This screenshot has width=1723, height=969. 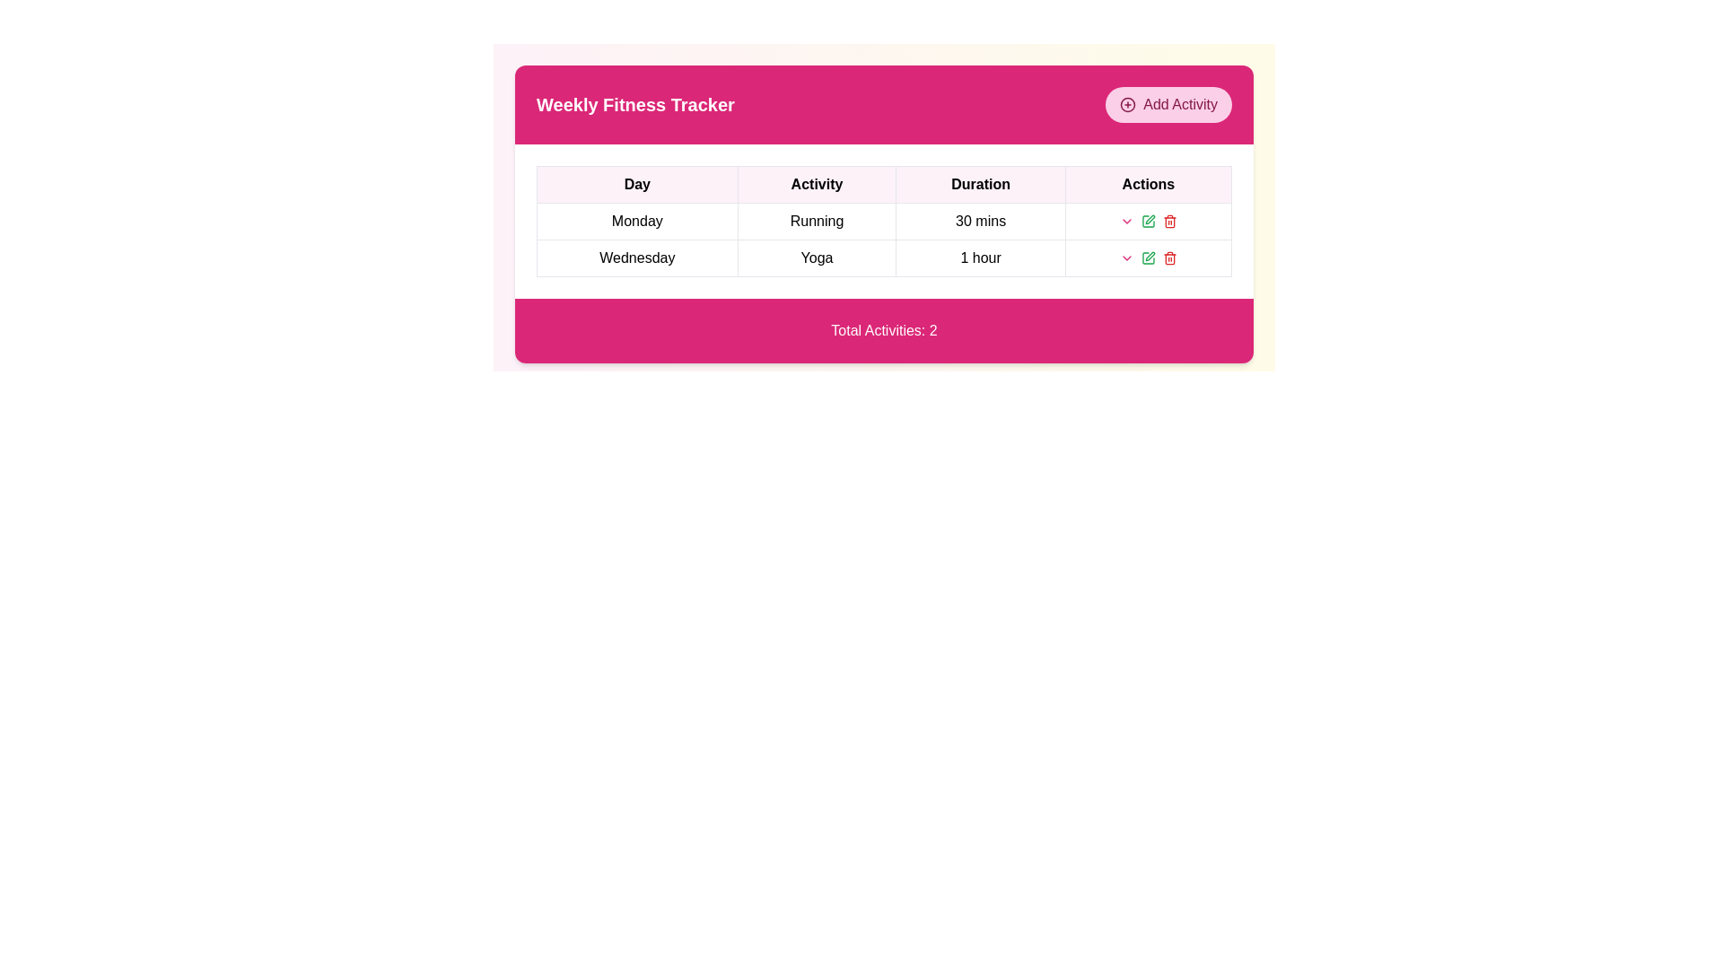 I want to click on the 'Duration' text element that displays the time information for the Yoga activity on Wednesday, so click(x=980, y=258).